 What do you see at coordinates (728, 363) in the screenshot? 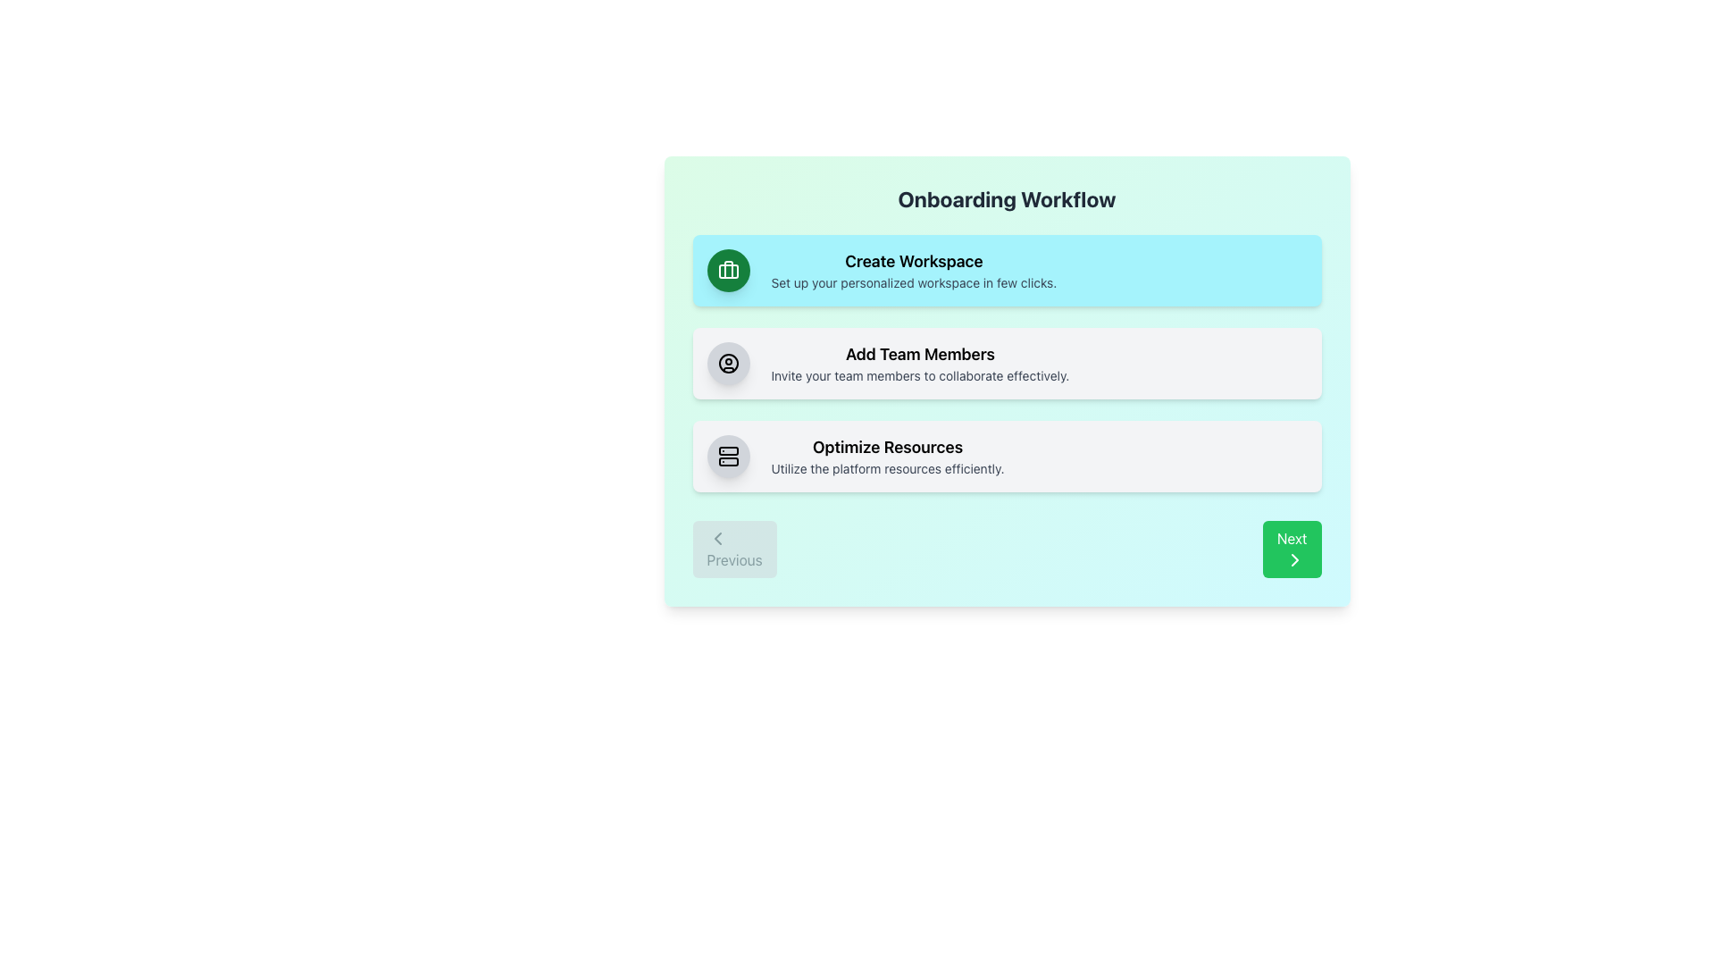
I see `the icon representing the functionality to add team members, which is the leftmost icon in the rounded rectangular button labeled 'Add Team Members' on the onboarding interface` at bounding box center [728, 363].